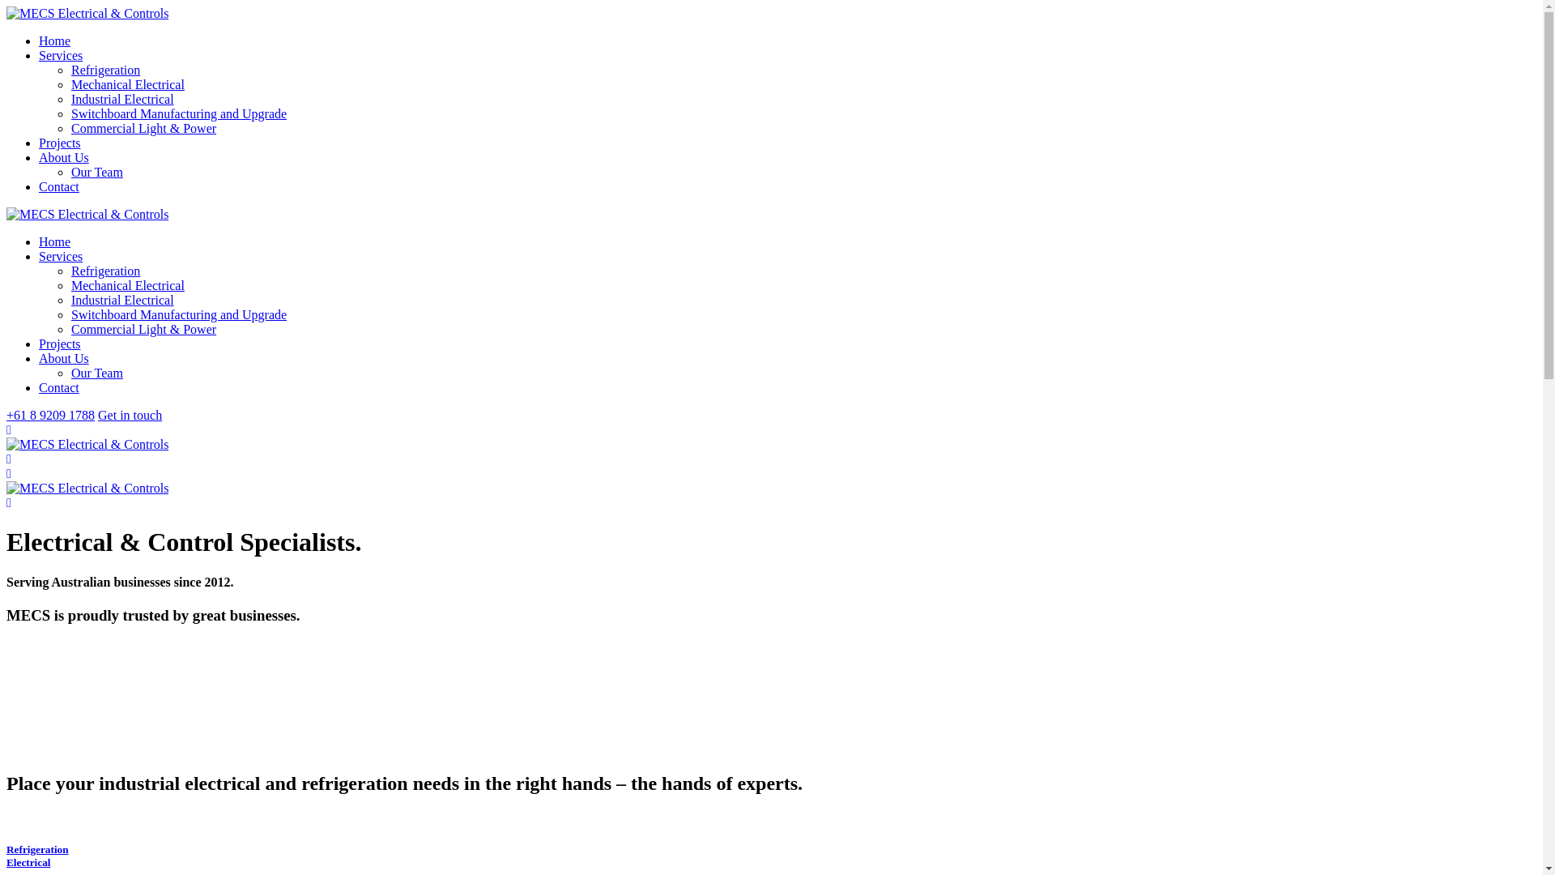 This screenshot has width=1555, height=875. Describe the element at coordinates (104, 69) in the screenshot. I see `'Refrigeration'` at that location.